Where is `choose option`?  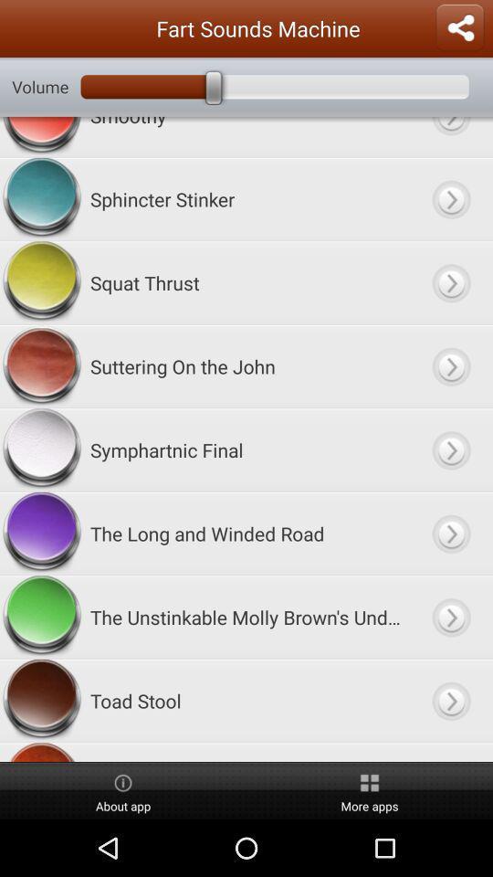
choose option is located at coordinates (450, 449).